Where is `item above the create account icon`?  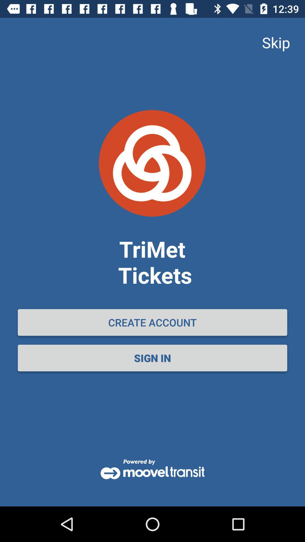
item above the create account icon is located at coordinates (276, 42).